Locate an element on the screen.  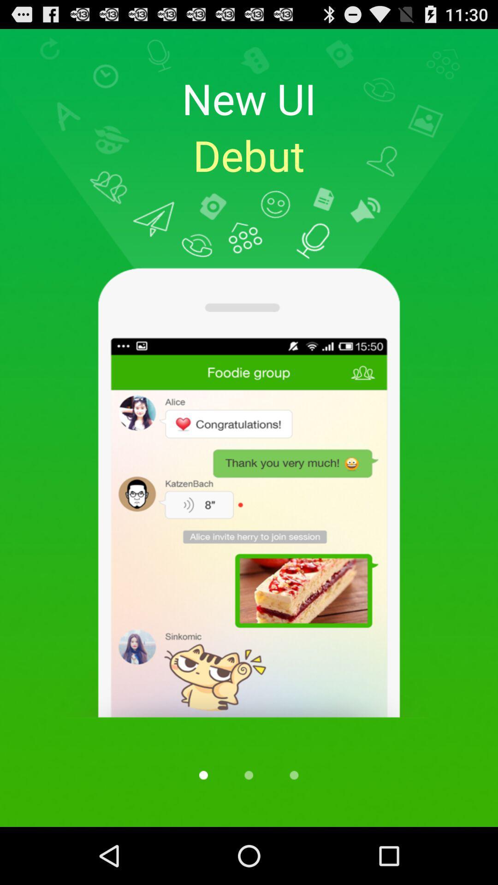
next is located at coordinates (294, 774).